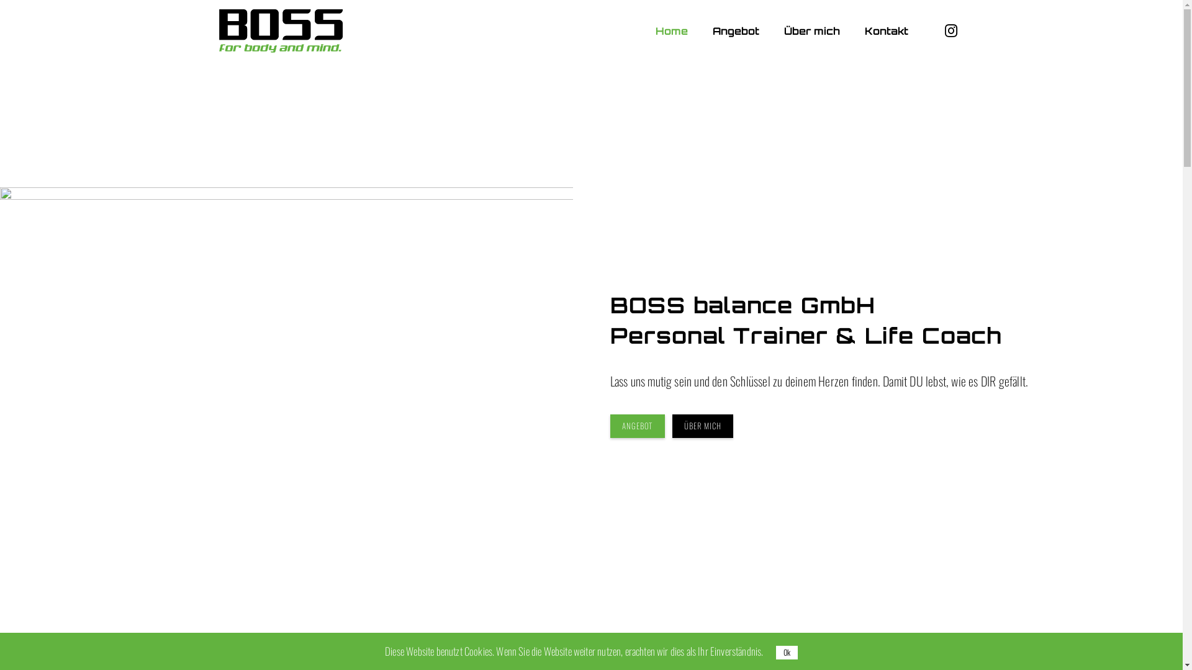 This screenshot has width=1192, height=670. Describe the element at coordinates (885, 30) in the screenshot. I see `'Kontakt'` at that location.